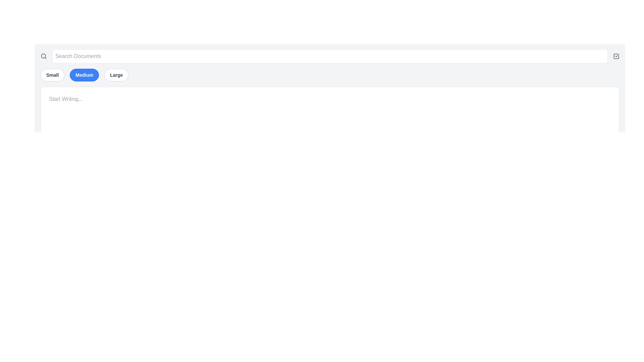  Describe the element at coordinates (52, 75) in the screenshot. I see `the 'Small' size selection button located at the top left corner of the interface` at that location.